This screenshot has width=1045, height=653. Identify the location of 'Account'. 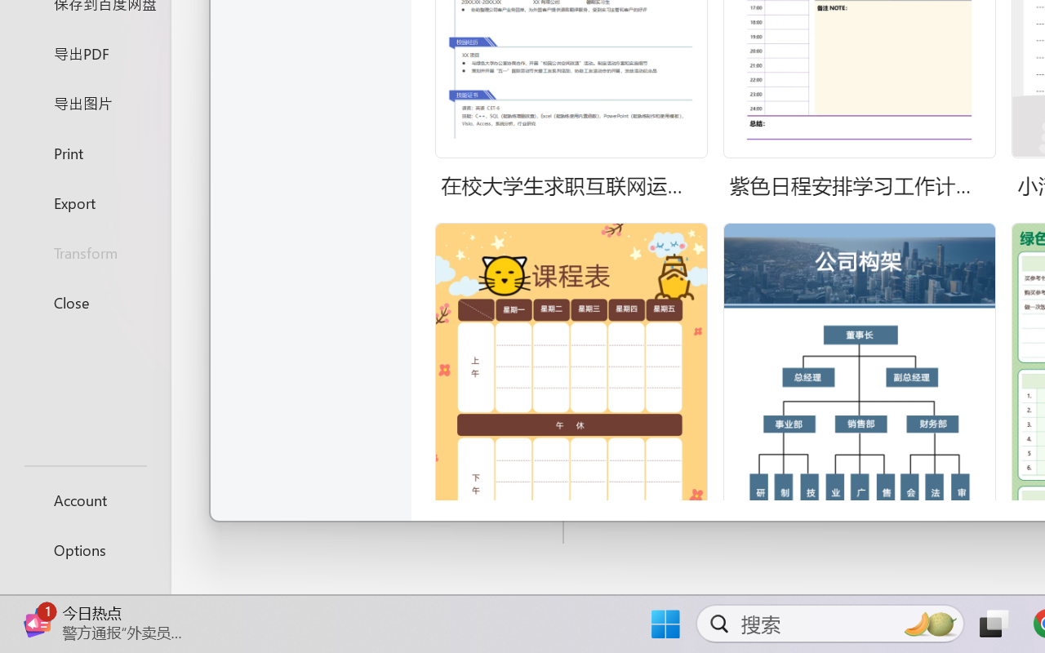
(84, 500).